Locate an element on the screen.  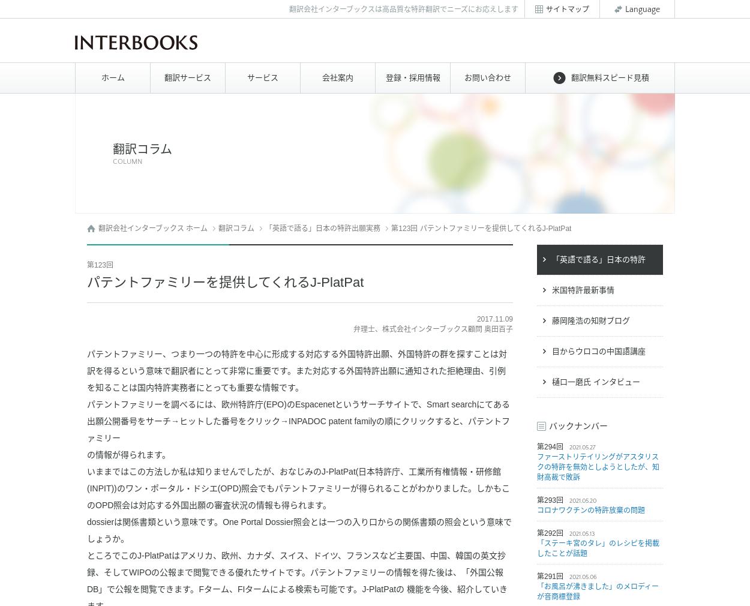
'2021.05.13' is located at coordinates (581, 534).